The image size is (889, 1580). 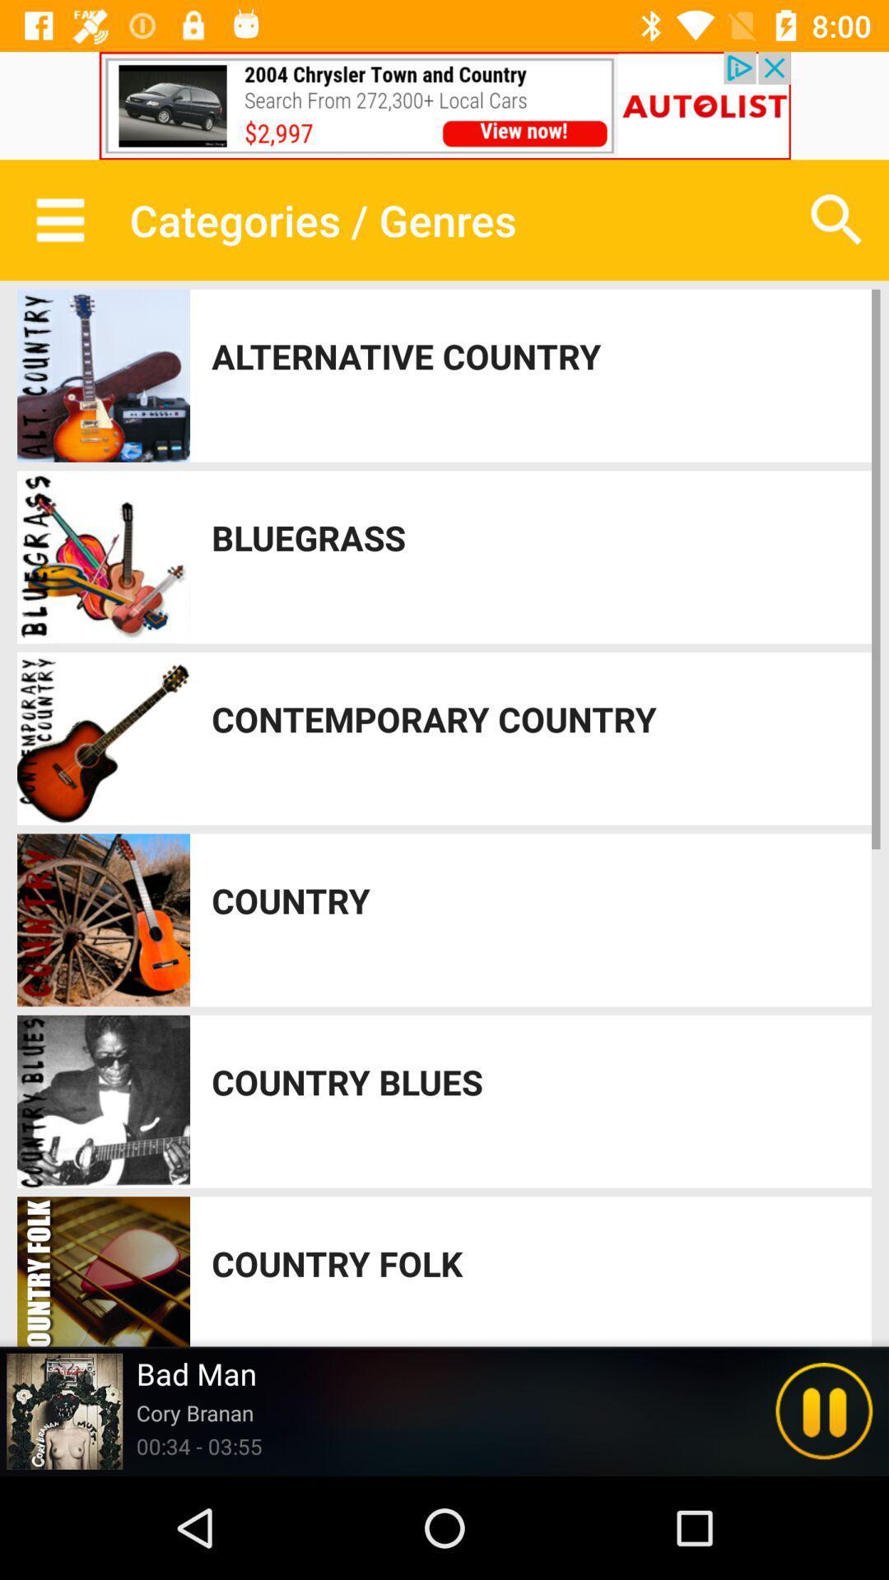 I want to click on click advertisement, so click(x=444, y=105).